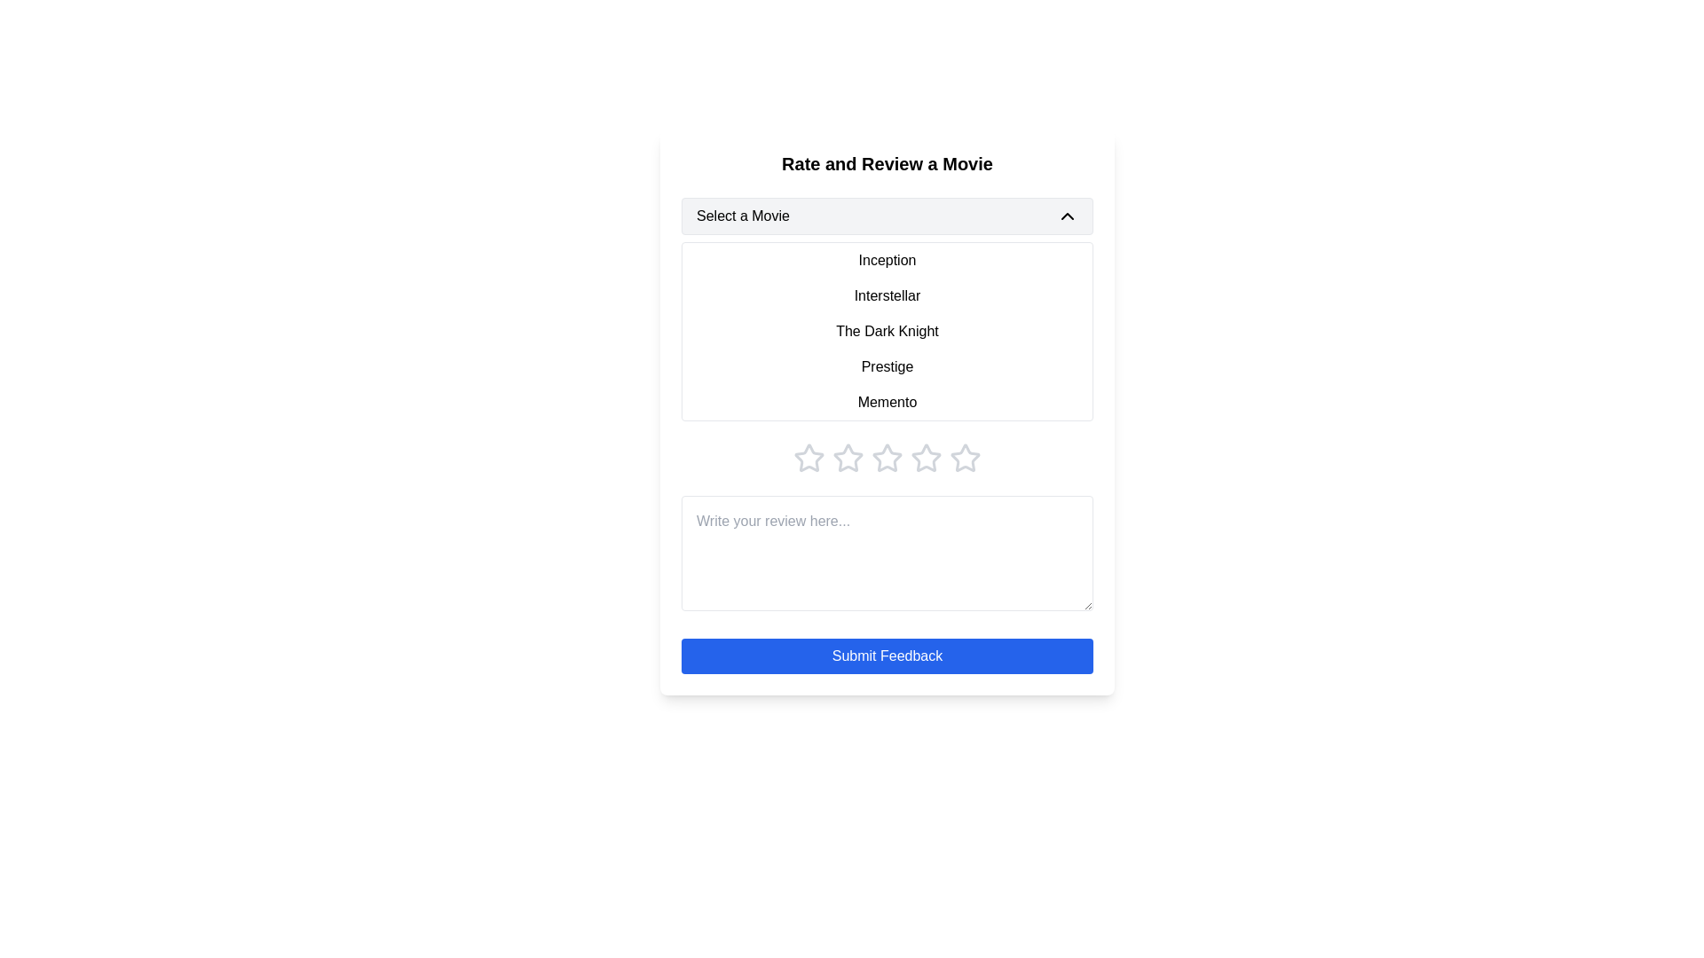 Image resolution: width=1704 pixels, height=958 pixels. Describe the element at coordinates (847, 457) in the screenshot. I see `the second star in the rating section` at that location.